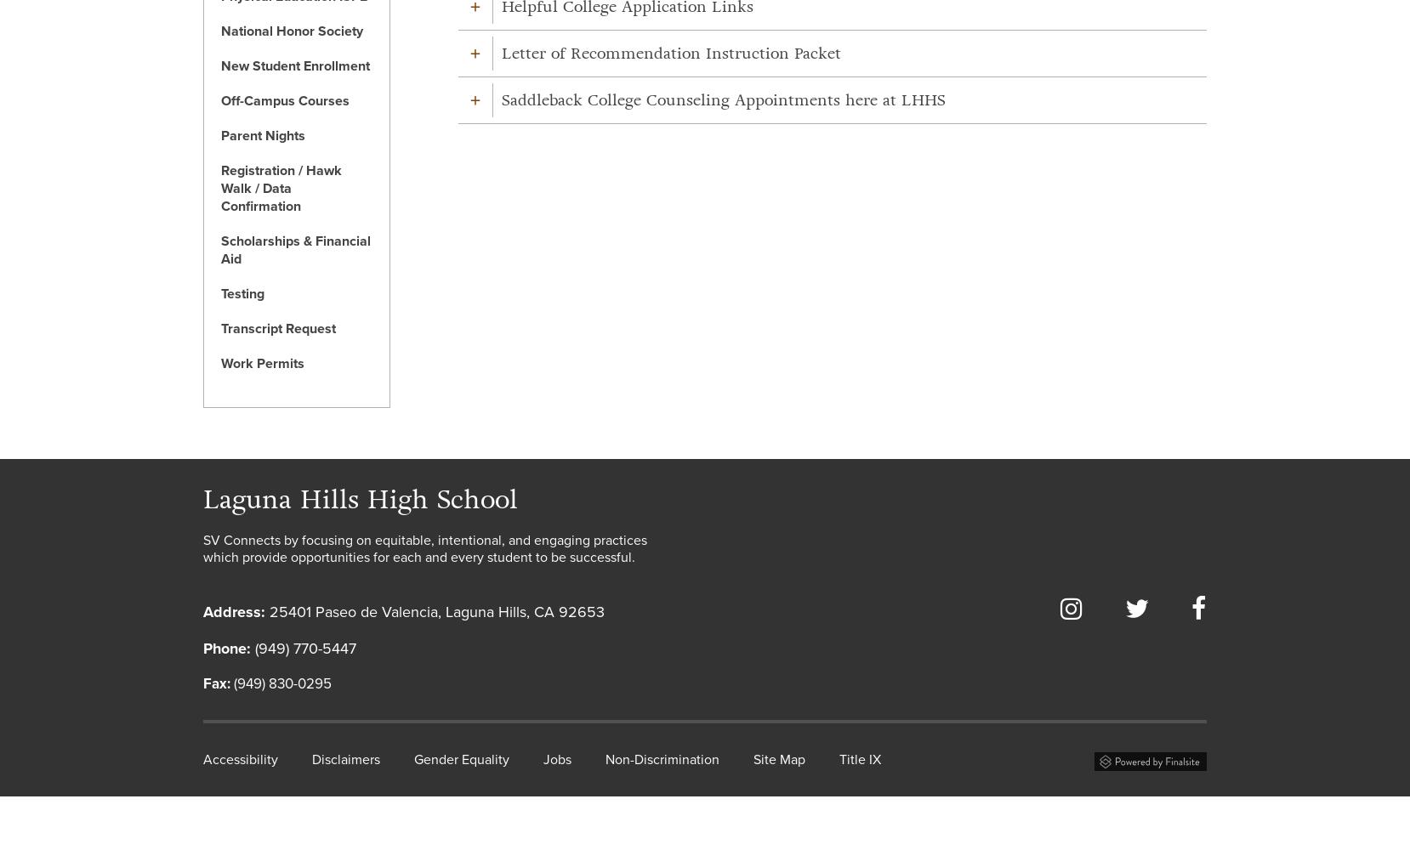 The image size is (1410, 850). I want to click on 'Accessibility', so click(240, 759).